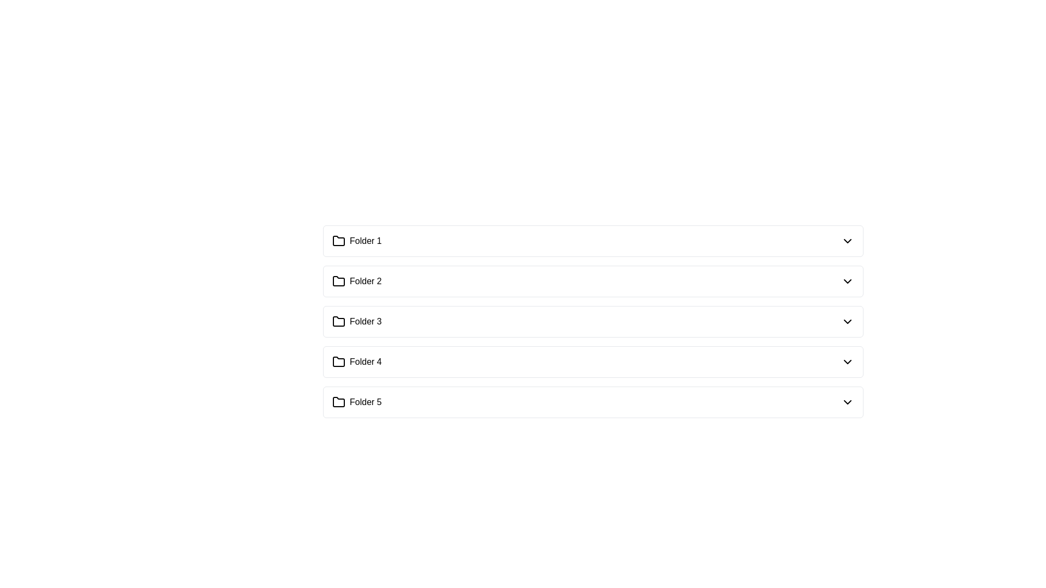  Describe the element at coordinates (338, 402) in the screenshot. I see `the folder icon associated with 'Folder 5', which is a stylized outline of a folder located at the bottom of the list of folders` at that location.